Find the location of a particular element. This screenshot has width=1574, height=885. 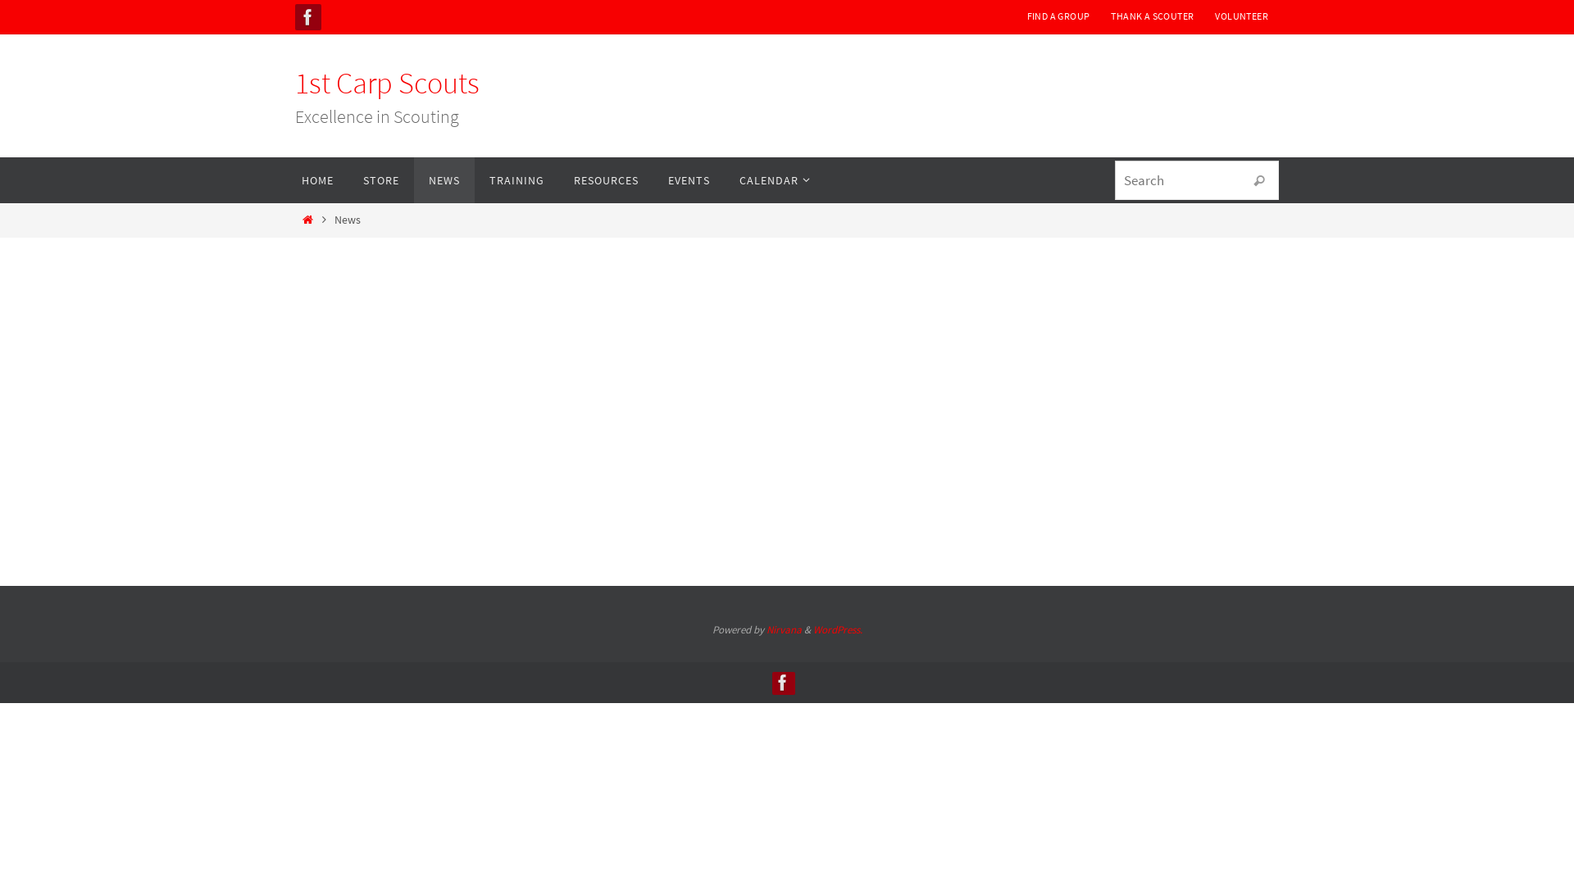

'EVENTS' is located at coordinates (652, 179).